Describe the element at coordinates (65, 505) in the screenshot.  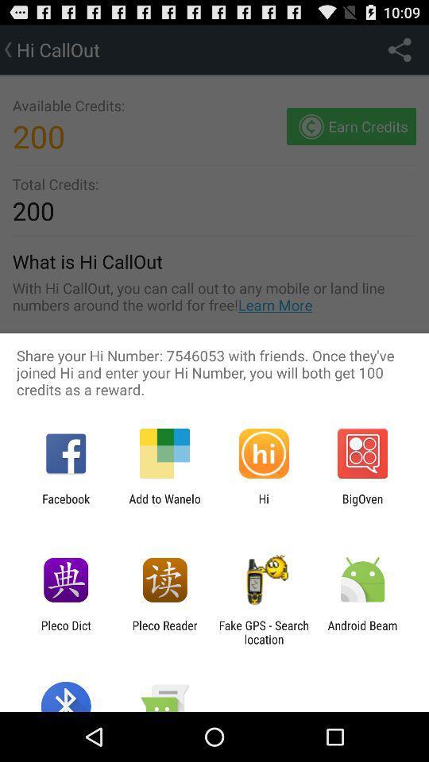
I see `the facebook icon` at that location.